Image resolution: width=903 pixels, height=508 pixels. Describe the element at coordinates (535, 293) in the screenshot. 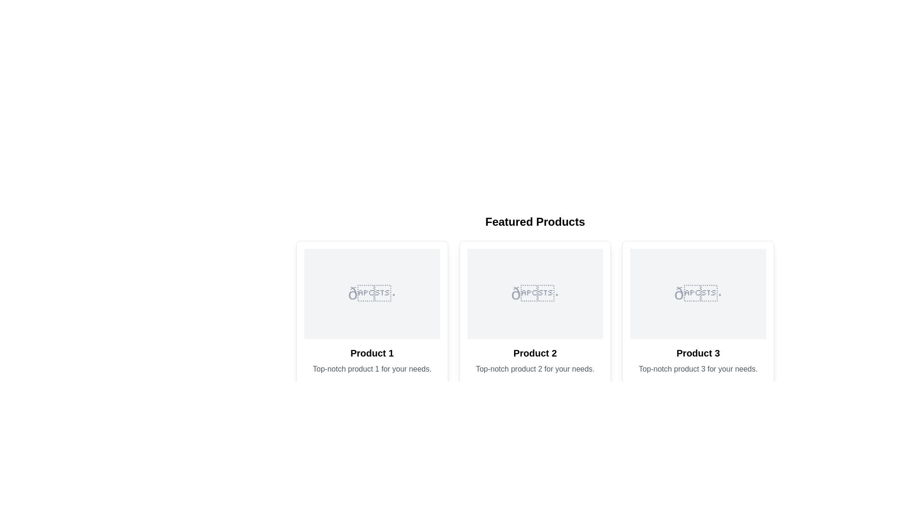

I see `the decorative Label or Icon associated with the second product in the grid under 'Featured Products'` at that location.